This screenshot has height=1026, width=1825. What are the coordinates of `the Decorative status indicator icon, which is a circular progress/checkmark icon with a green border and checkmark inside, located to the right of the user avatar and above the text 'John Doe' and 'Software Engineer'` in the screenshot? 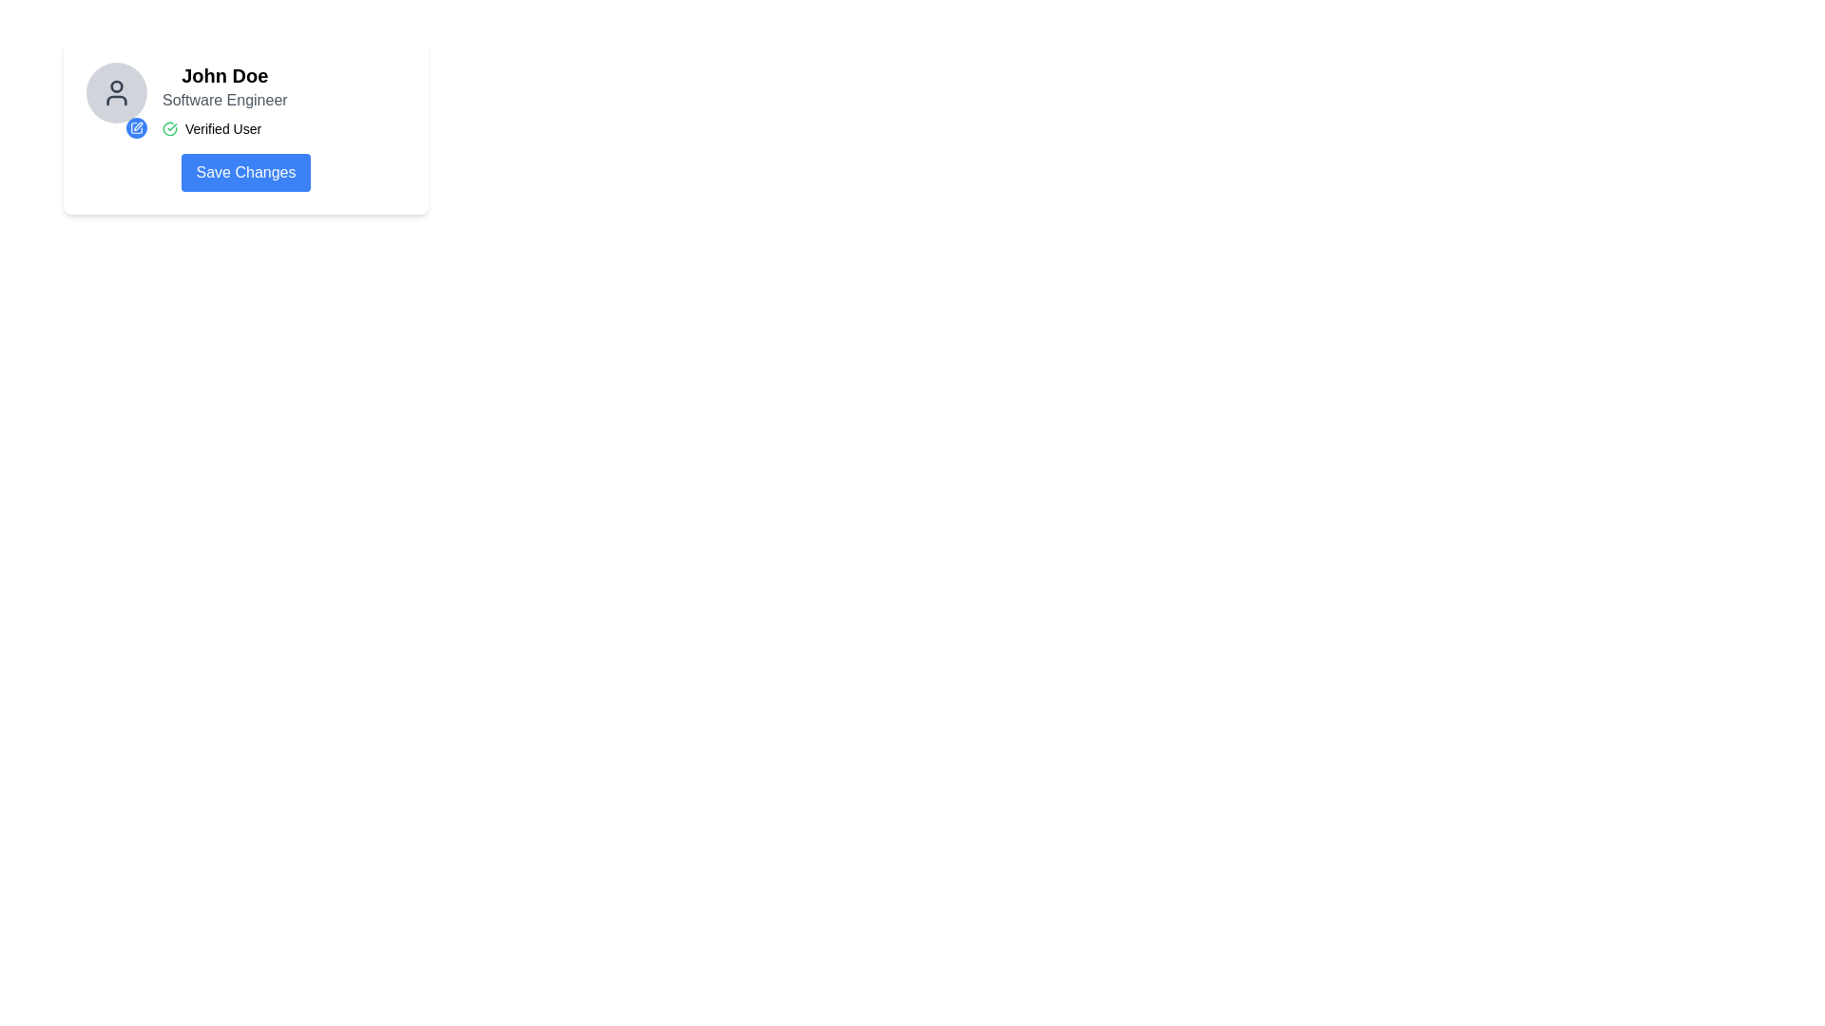 It's located at (169, 128).